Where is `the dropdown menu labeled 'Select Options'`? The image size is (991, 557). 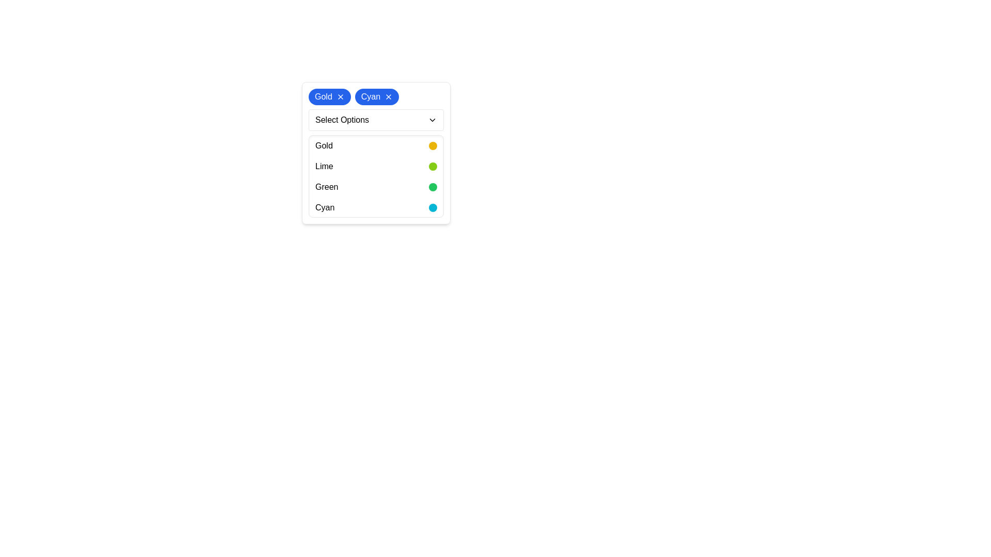
the dropdown menu labeled 'Select Options' is located at coordinates (376, 119).